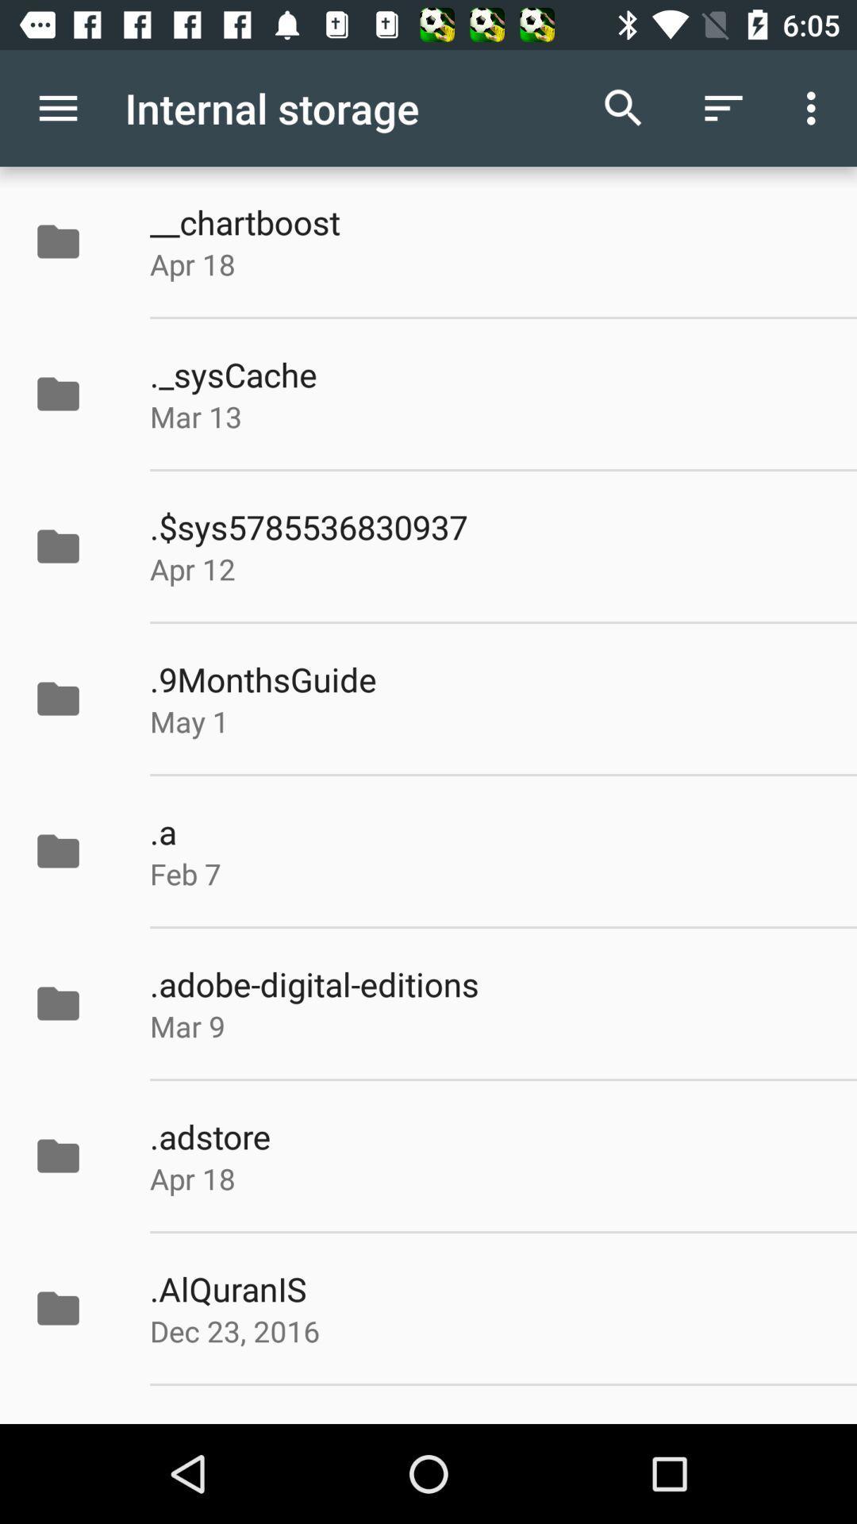 The height and width of the screenshot is (1524, 857). What do you see at coordinates (75, 1156) in the screenshot?
I see `the icon which is left to the text adstore` at bounding box center [75, 1156].